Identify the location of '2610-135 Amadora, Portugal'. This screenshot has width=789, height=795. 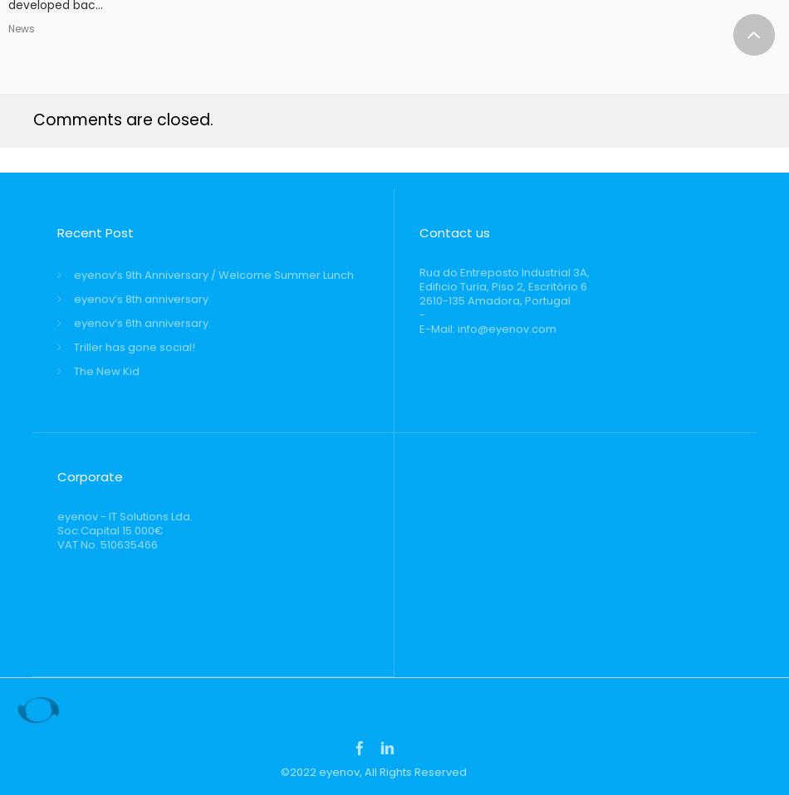
(495, 299).